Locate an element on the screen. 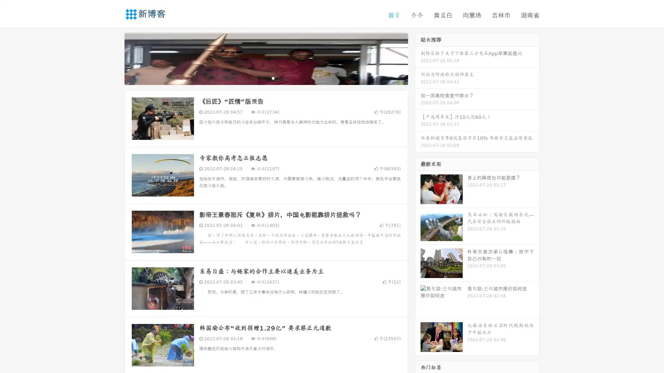  Previous slide is located at coordinates (114, 58).